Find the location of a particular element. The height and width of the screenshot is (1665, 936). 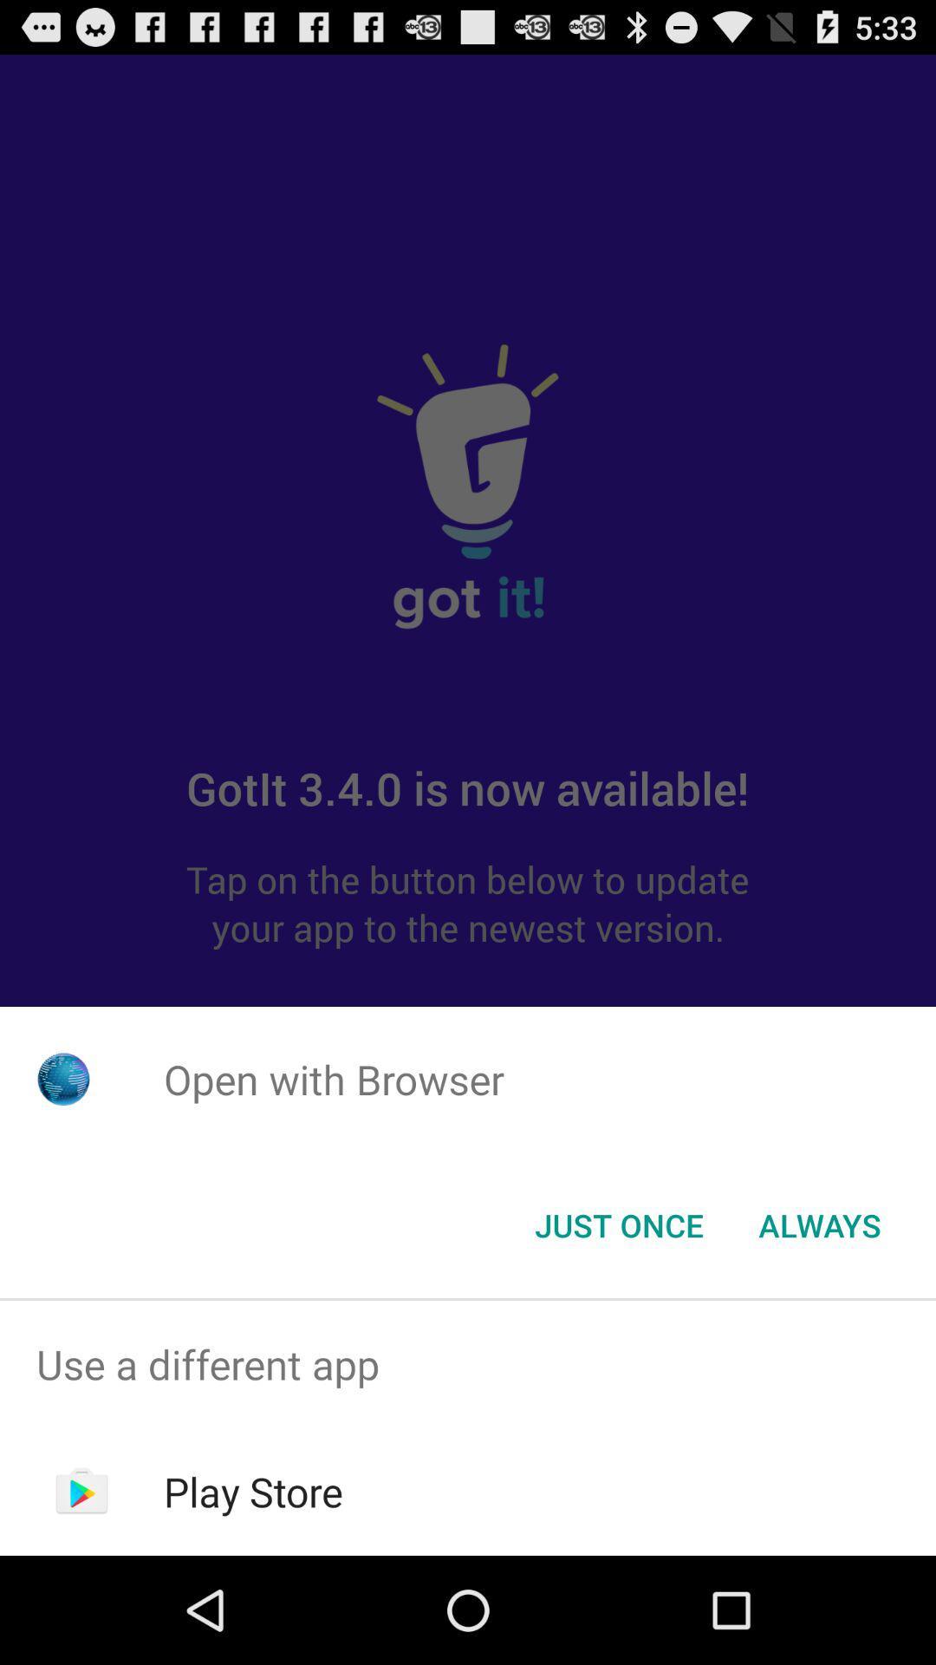

just once is located at coordinates (618, 1224).